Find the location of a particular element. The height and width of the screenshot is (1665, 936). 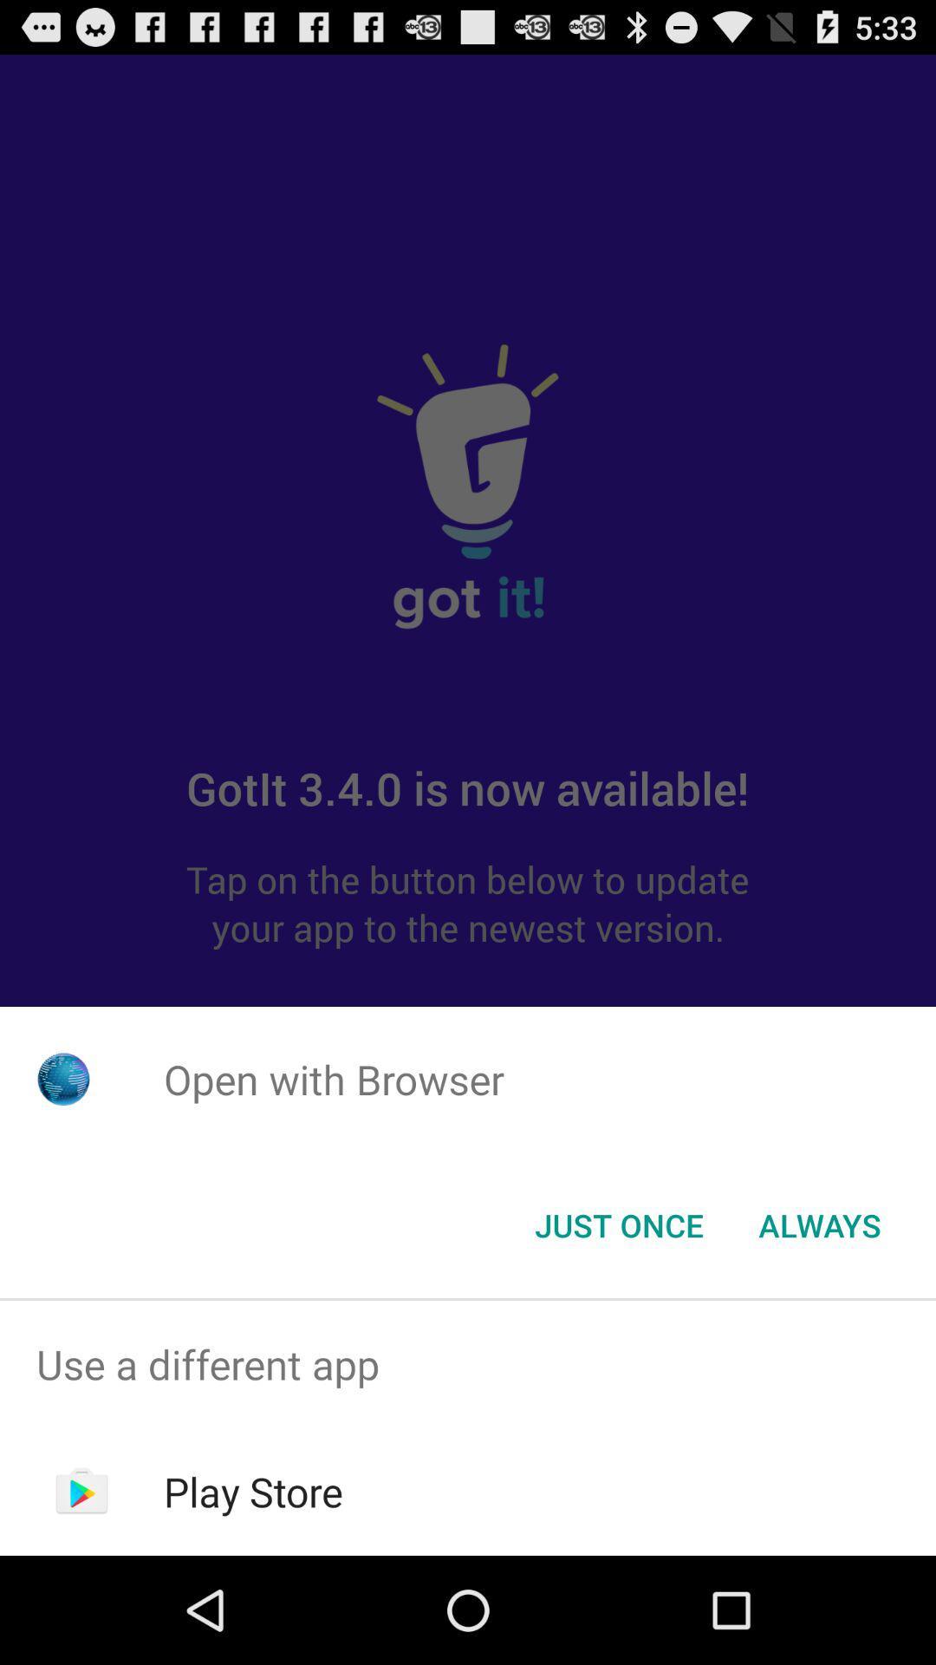

just once is located at coordinates (618, 1224).